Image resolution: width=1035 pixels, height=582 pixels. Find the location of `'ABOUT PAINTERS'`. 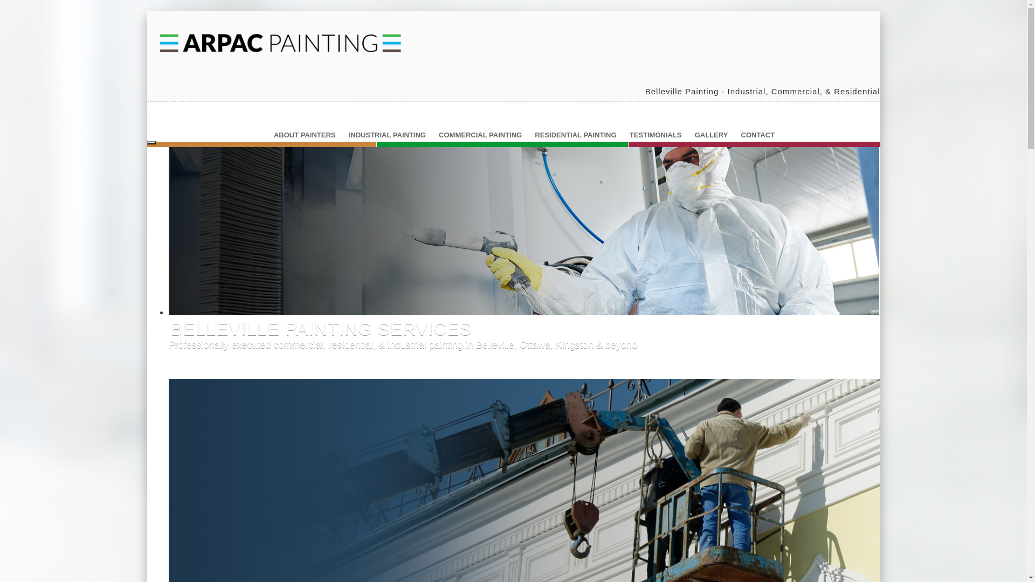

'ABOUT PAINTERS' is located at coordinates (304, 134).